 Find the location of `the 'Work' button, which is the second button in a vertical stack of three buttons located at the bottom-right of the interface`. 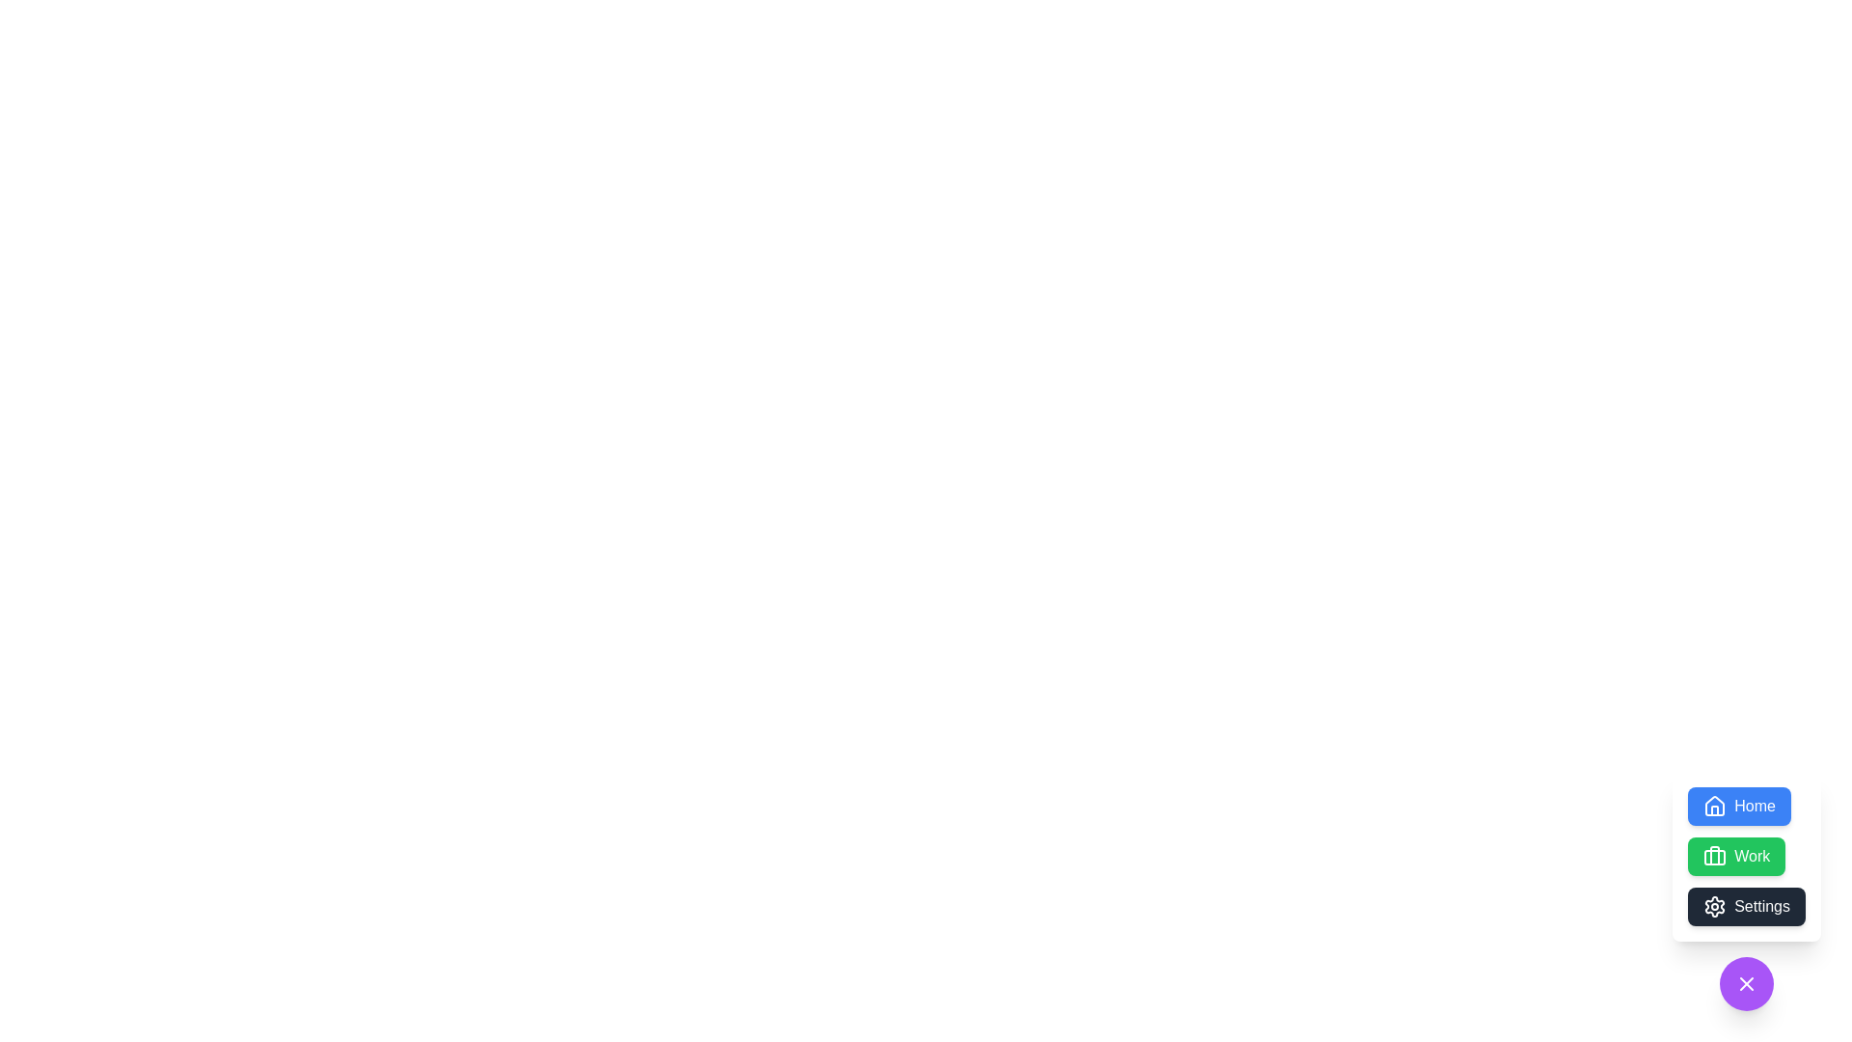

the 'Work' button, which is the second button in a vertical stack of three buttons located at the bottom-right of the interface is located at coordinates (1715, 855).